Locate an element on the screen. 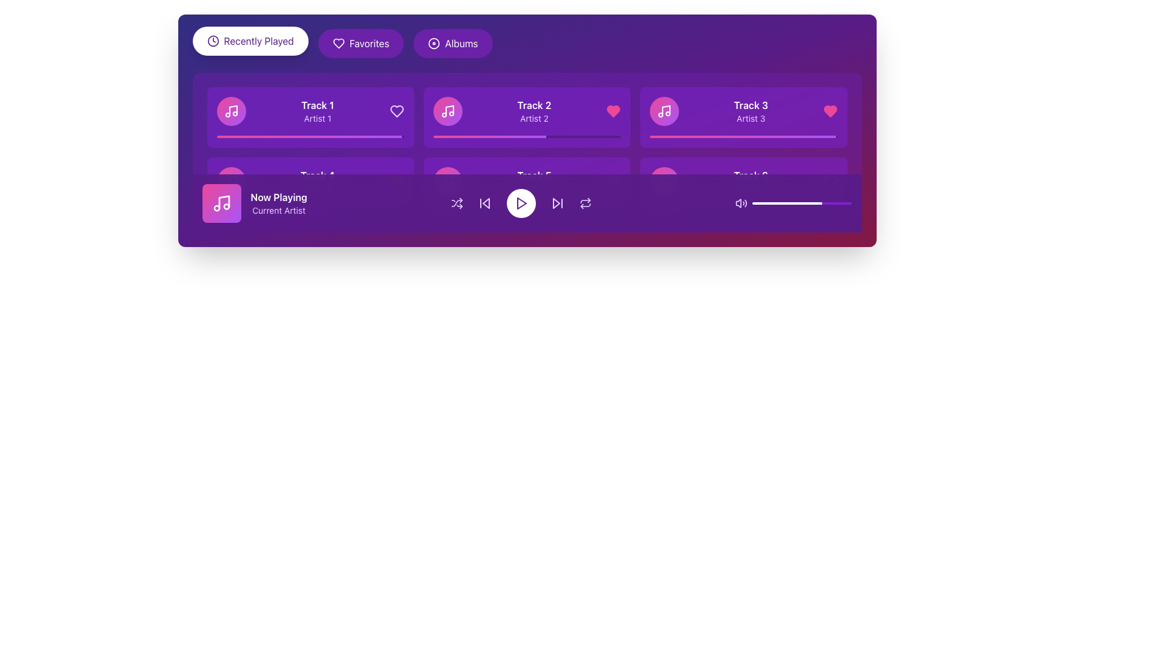 This screenshot has width=1164, height=654. the pink heart-shaped icon located in the upper-right corner of the third track tile is located at coordinates (829, 111).